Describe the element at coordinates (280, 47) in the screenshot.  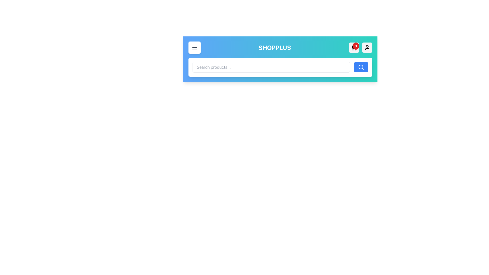
I see `the 'ShopPlus3' text label, which is styled in white, bold, uppercase letters and centrally positioned in the header bar with a blue-to-teal gradient background` at that location.